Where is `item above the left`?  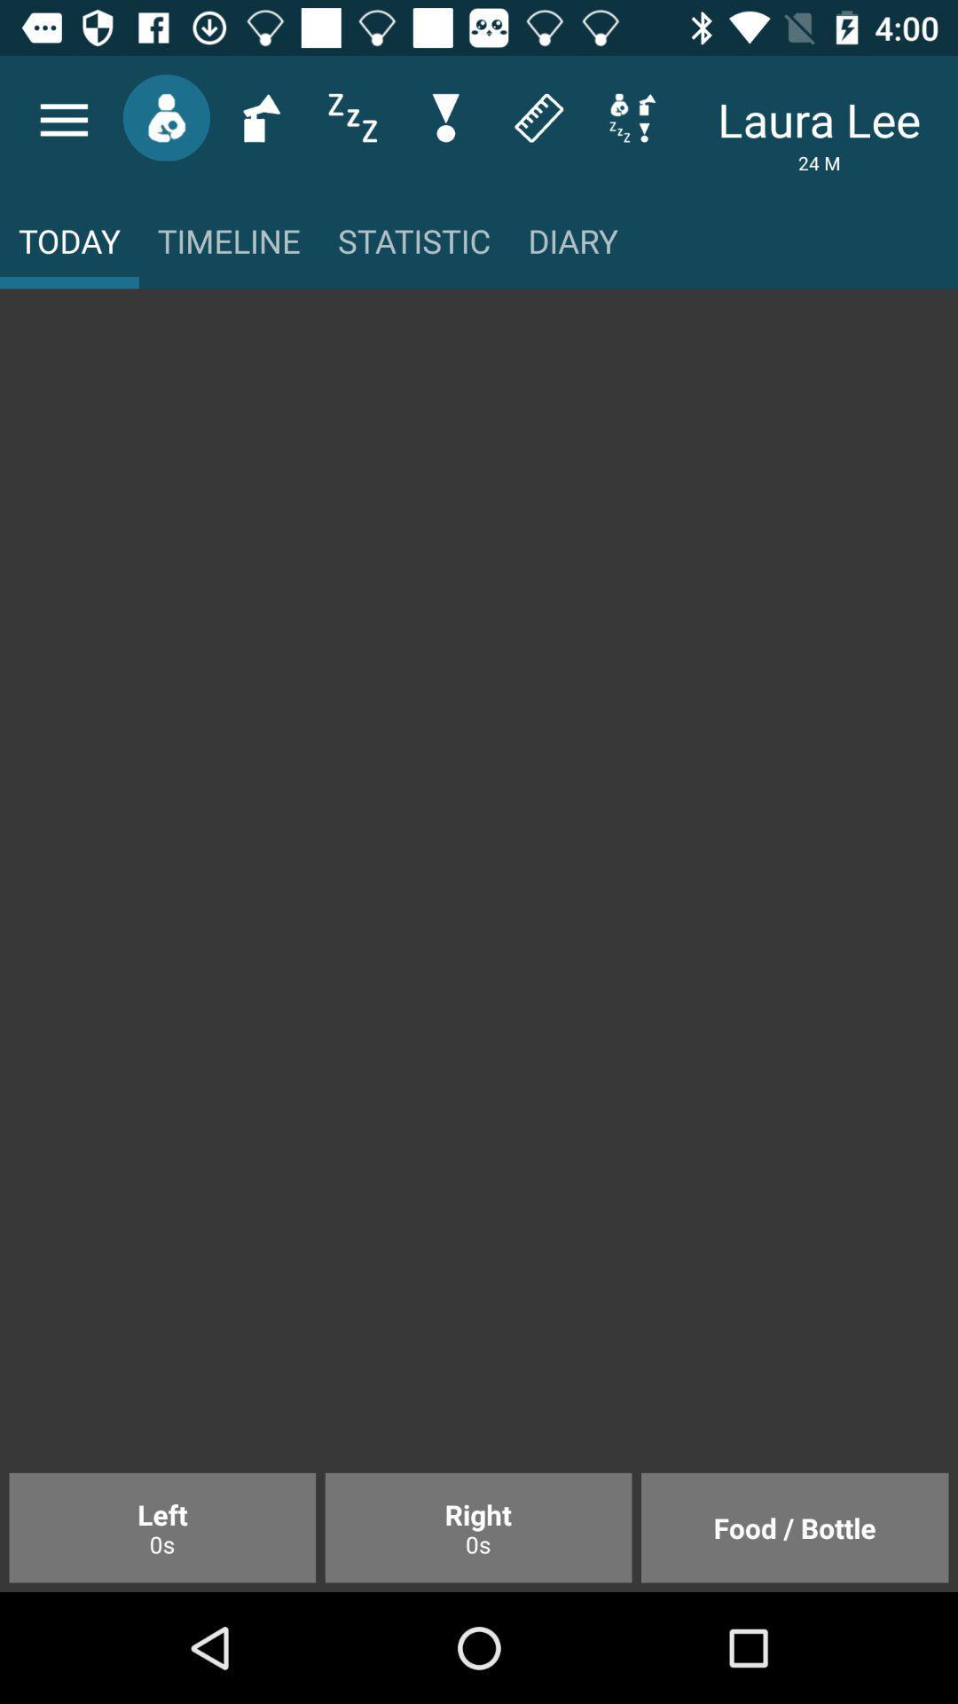 item above the left is located at coordinates (479, 890).